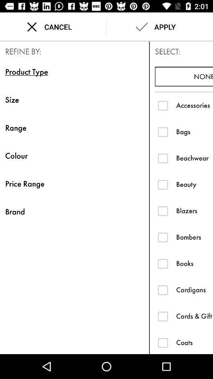 The width and height of the screenshot is (213, 379). Describe the element at coordinates (194, 237) in the screenshot. I see `the item above books icon` at that location.